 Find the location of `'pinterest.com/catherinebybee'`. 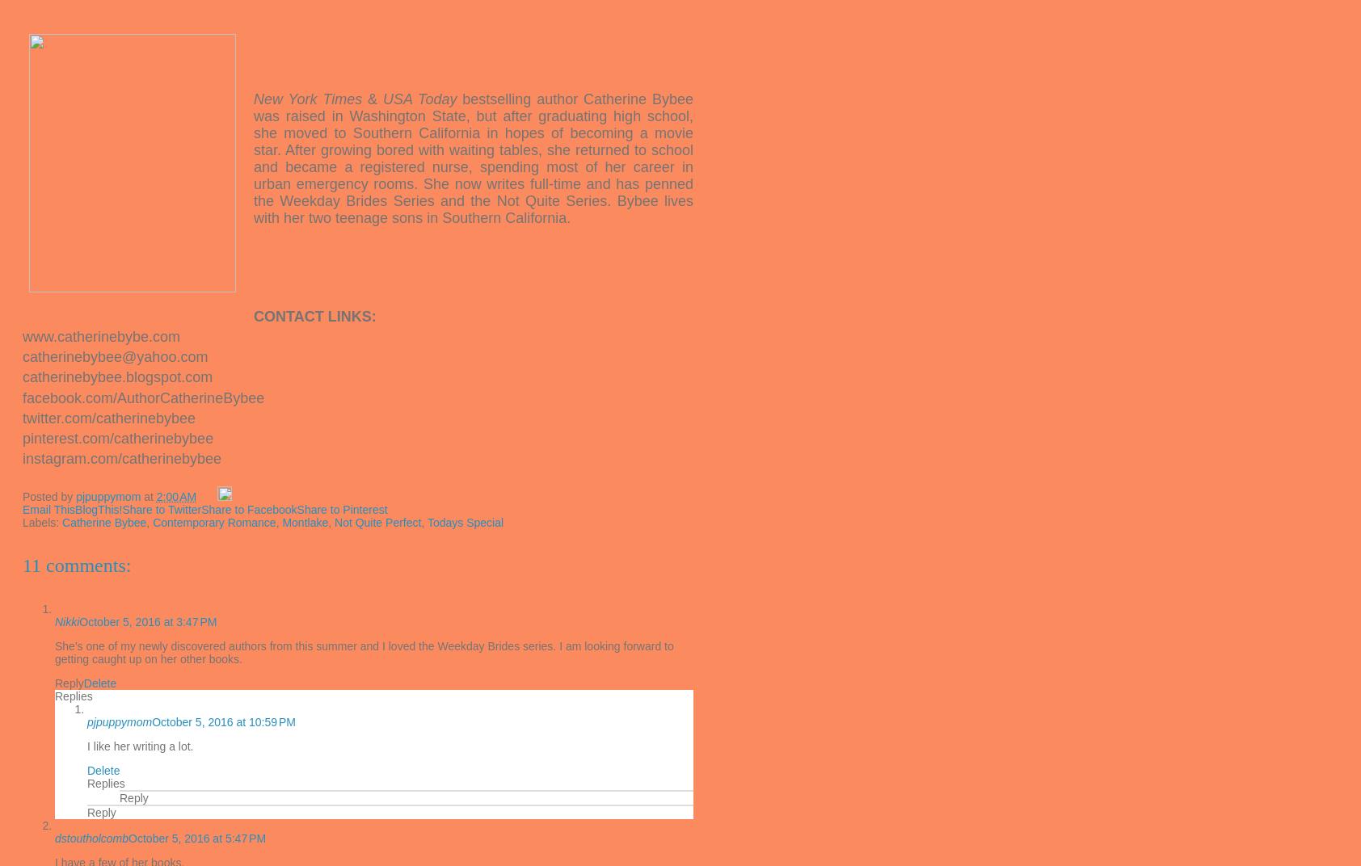

'pinterest.com/catherinebybee' is located at coordinates (117, 437).